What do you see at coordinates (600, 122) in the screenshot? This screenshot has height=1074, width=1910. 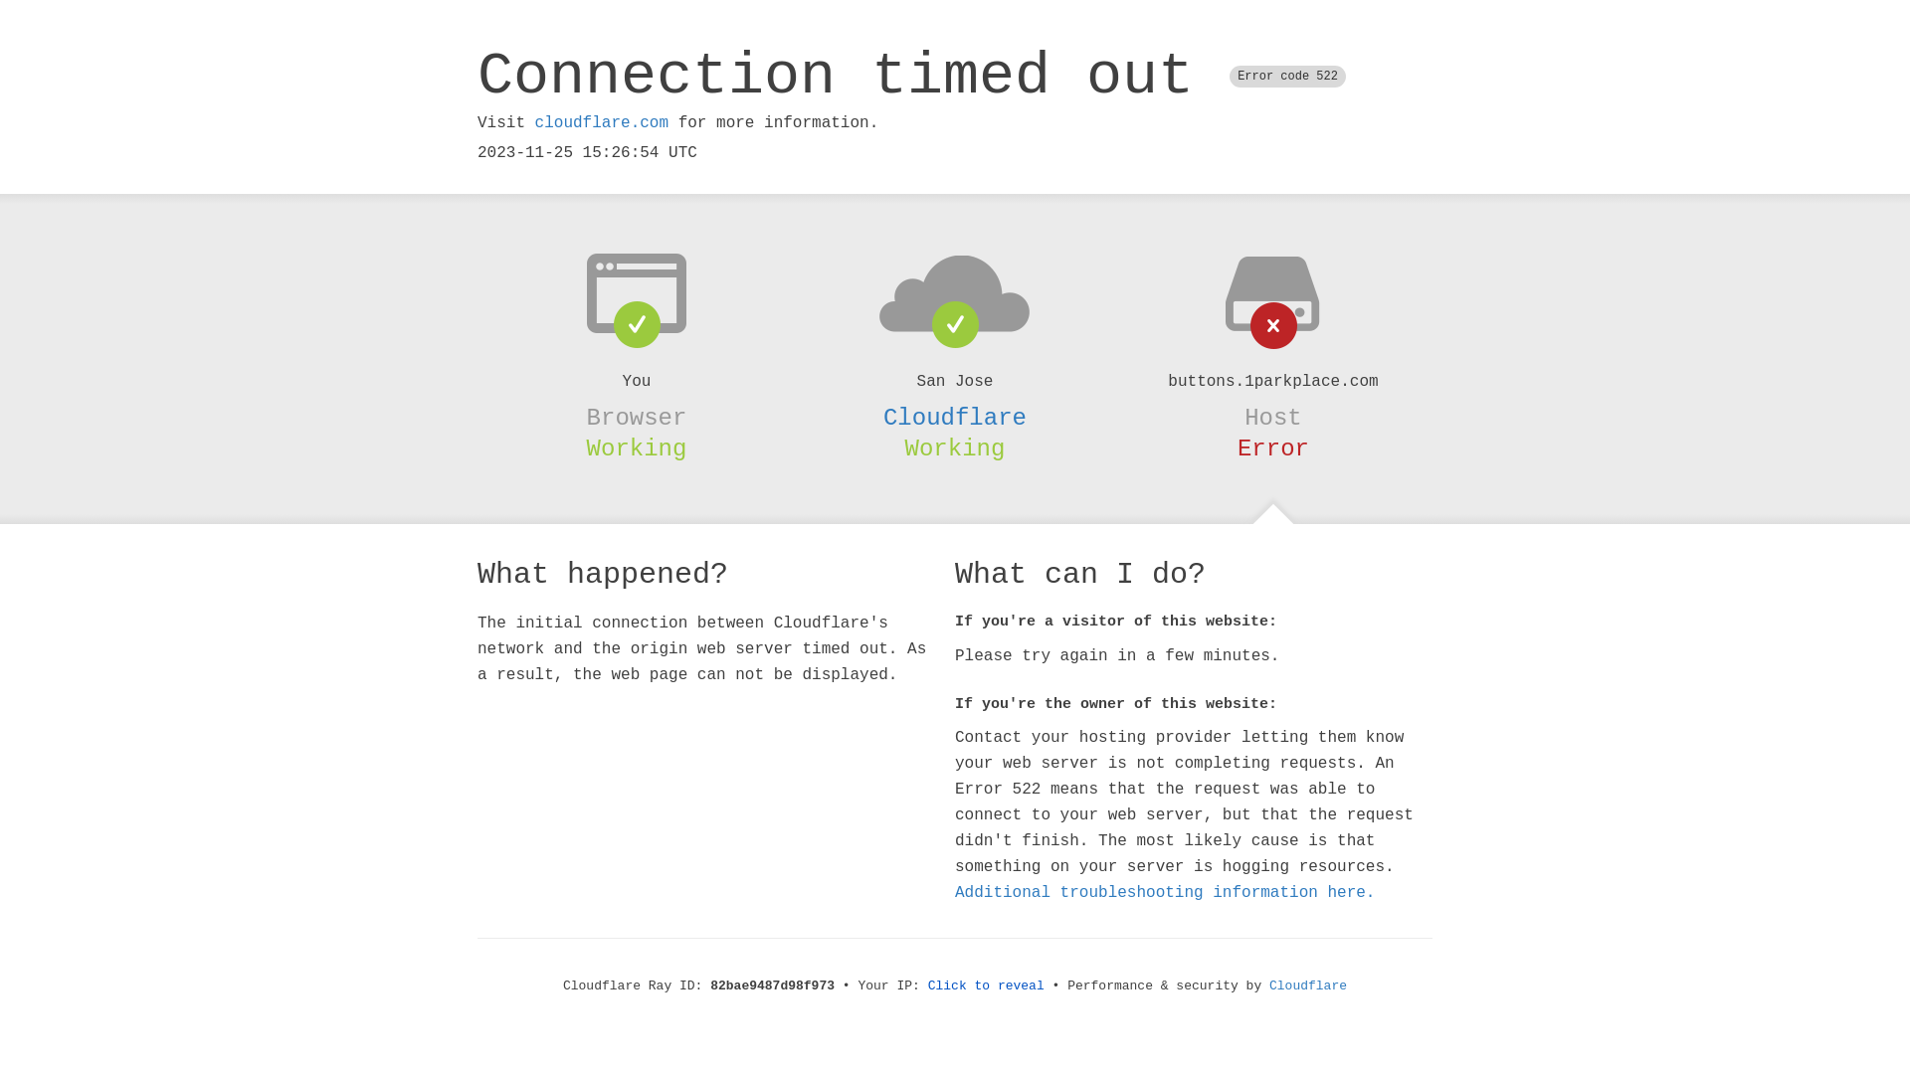 I see `'cloudflare.com'` at bounding box center [600, 122].